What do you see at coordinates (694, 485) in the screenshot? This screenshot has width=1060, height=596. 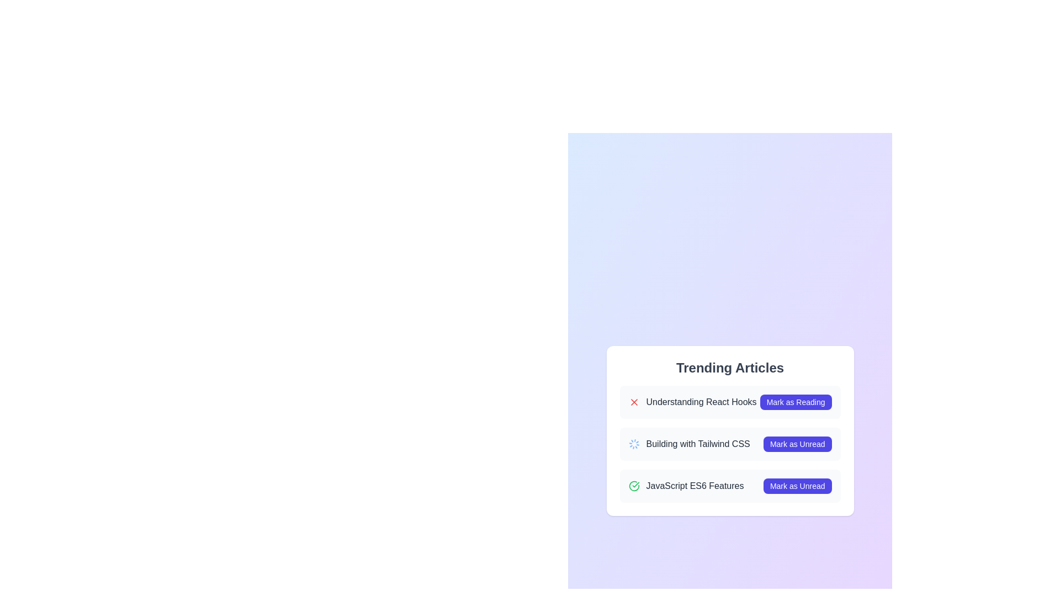 I see `the title text of the trending article located at the bottom of the list, which is aligned to the left of the green circle icon with a checkmark` at bounding box center [694, 485].